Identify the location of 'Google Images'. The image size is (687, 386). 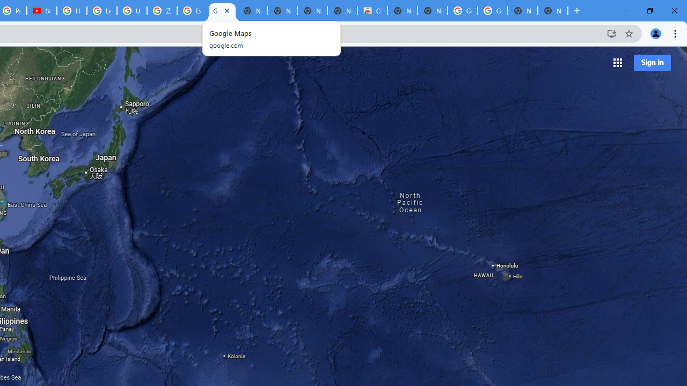
(463, 11).